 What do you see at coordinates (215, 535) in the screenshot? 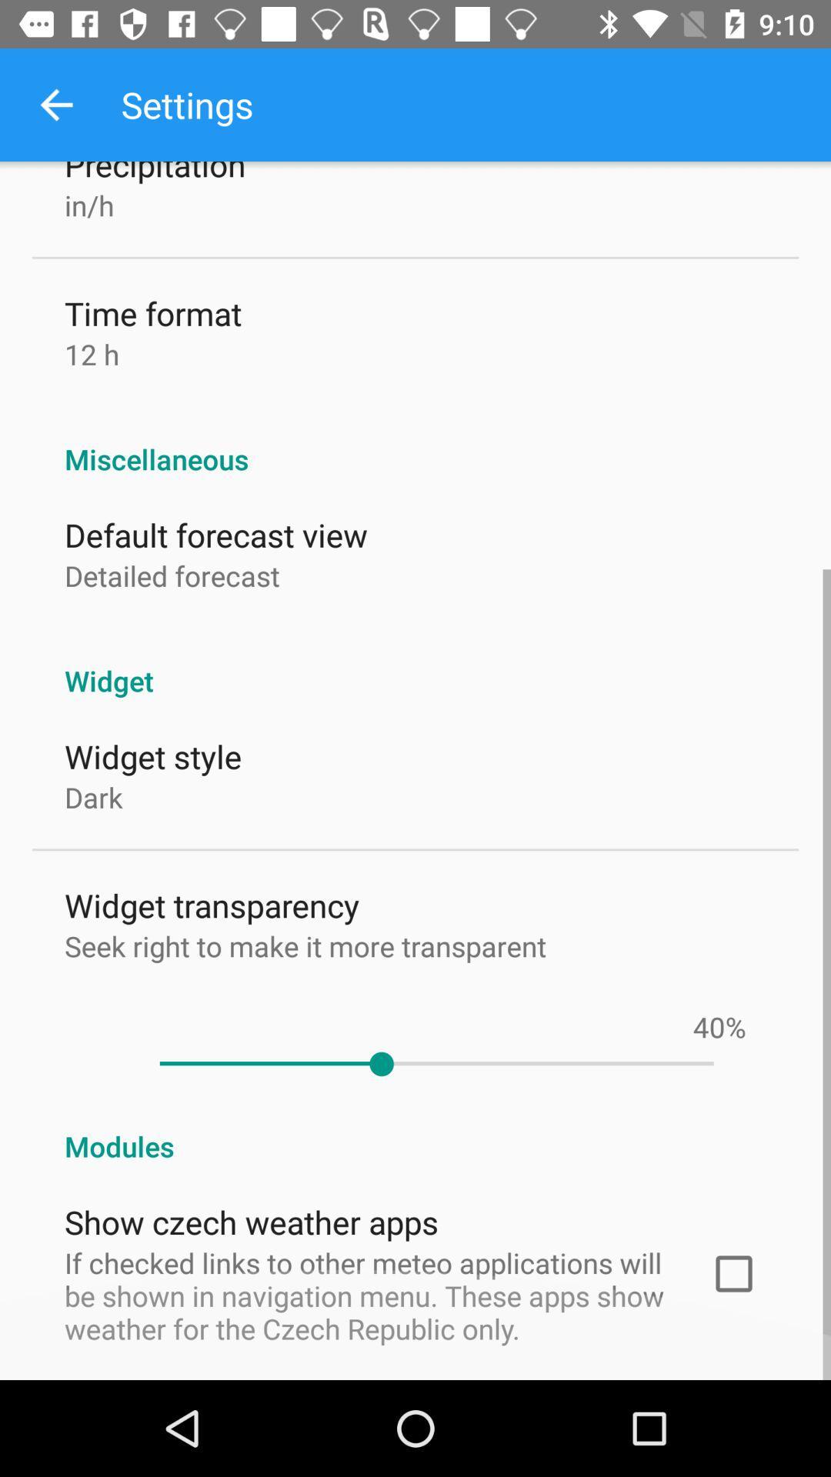
I see `item above the detailed forecast` at bounding box center [215, 535].